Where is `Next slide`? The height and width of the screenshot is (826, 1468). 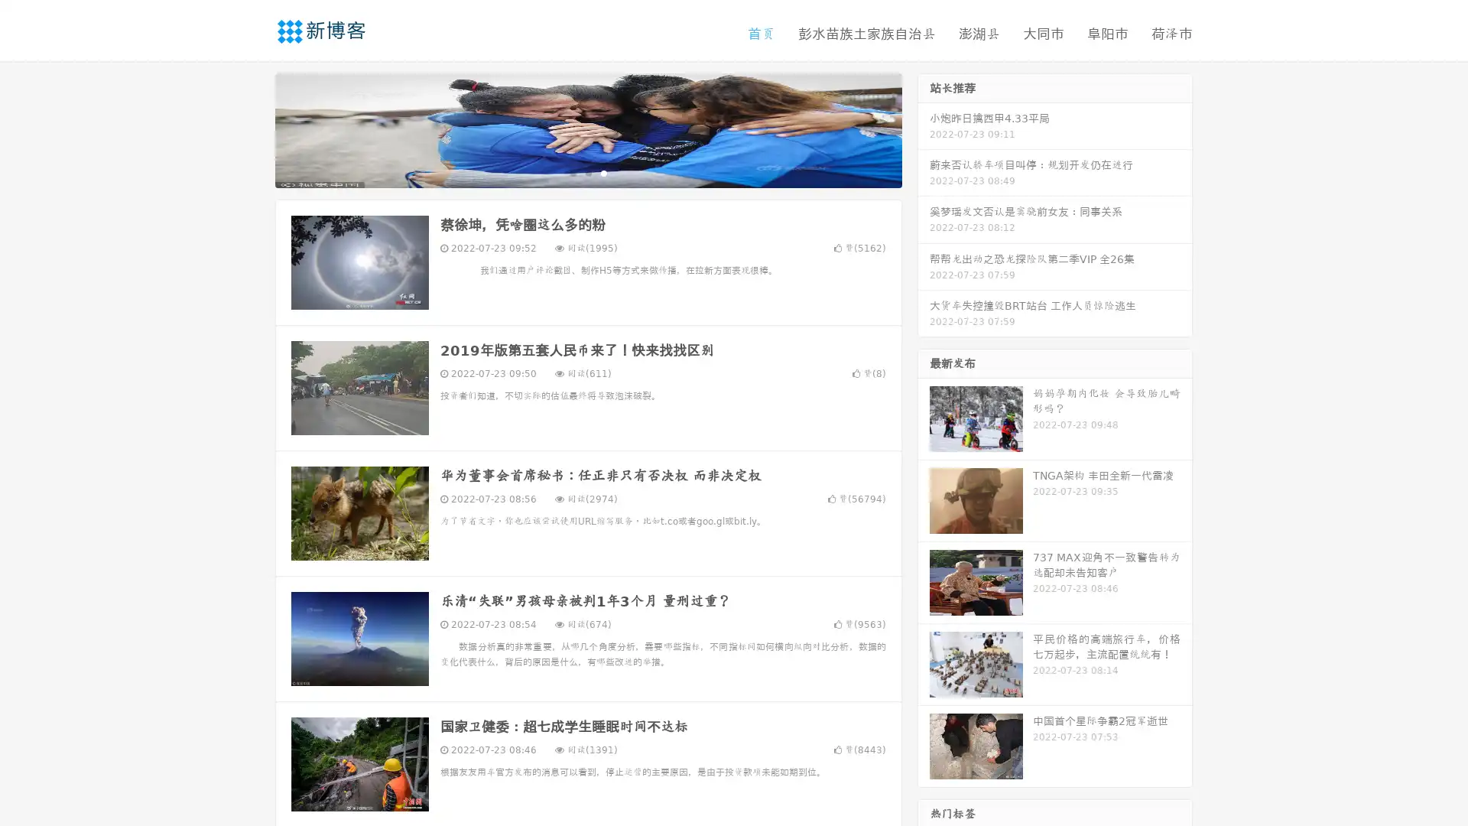
Next slide is located at coordinates (924, 128).